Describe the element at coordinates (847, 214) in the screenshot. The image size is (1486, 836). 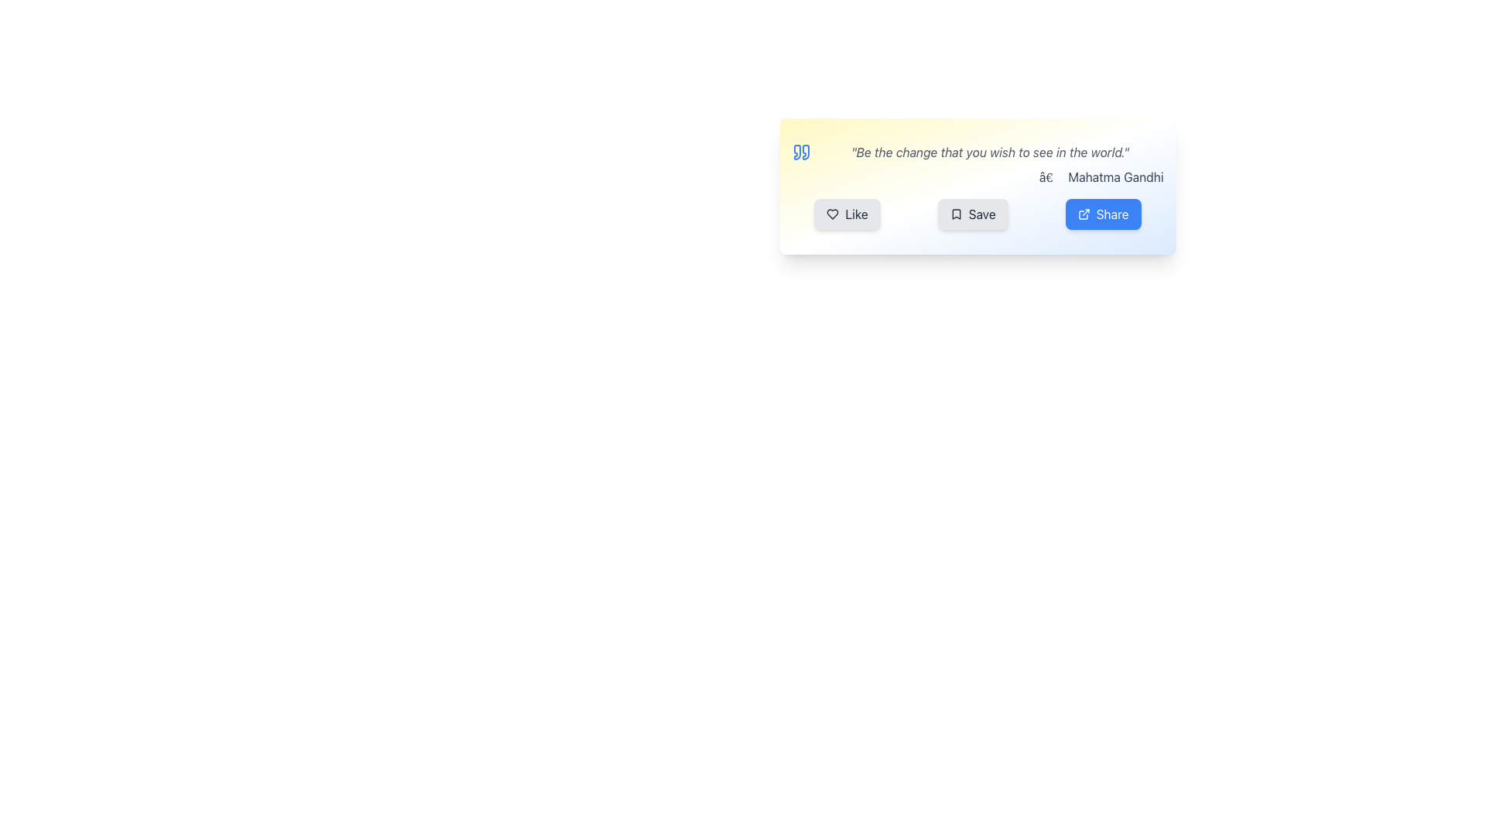
I see `the like button located at the top left of the group, which is the first in a sequence of vertically aligned buttons including 'Save' and 'Share', to change its color` at that location.